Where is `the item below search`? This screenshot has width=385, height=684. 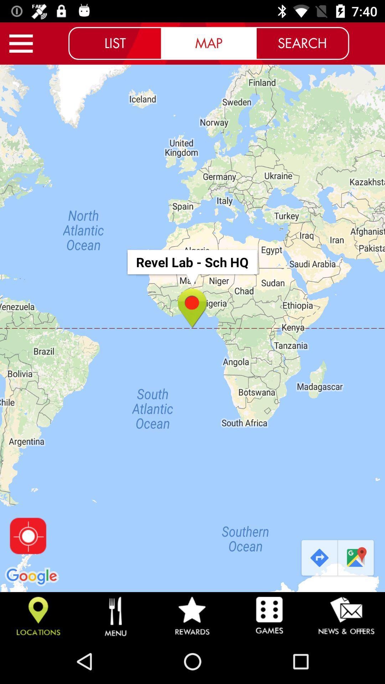
the item below search is located at coordinates (318, 558).